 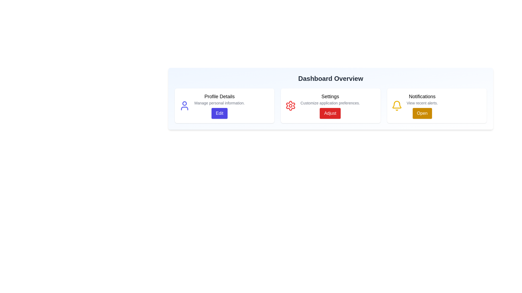 I want to click on the 'Edit' button, which is a rounded rectangular button with a blue background and white text, located below 'Manage personal information.', so click(x=219, y=113).